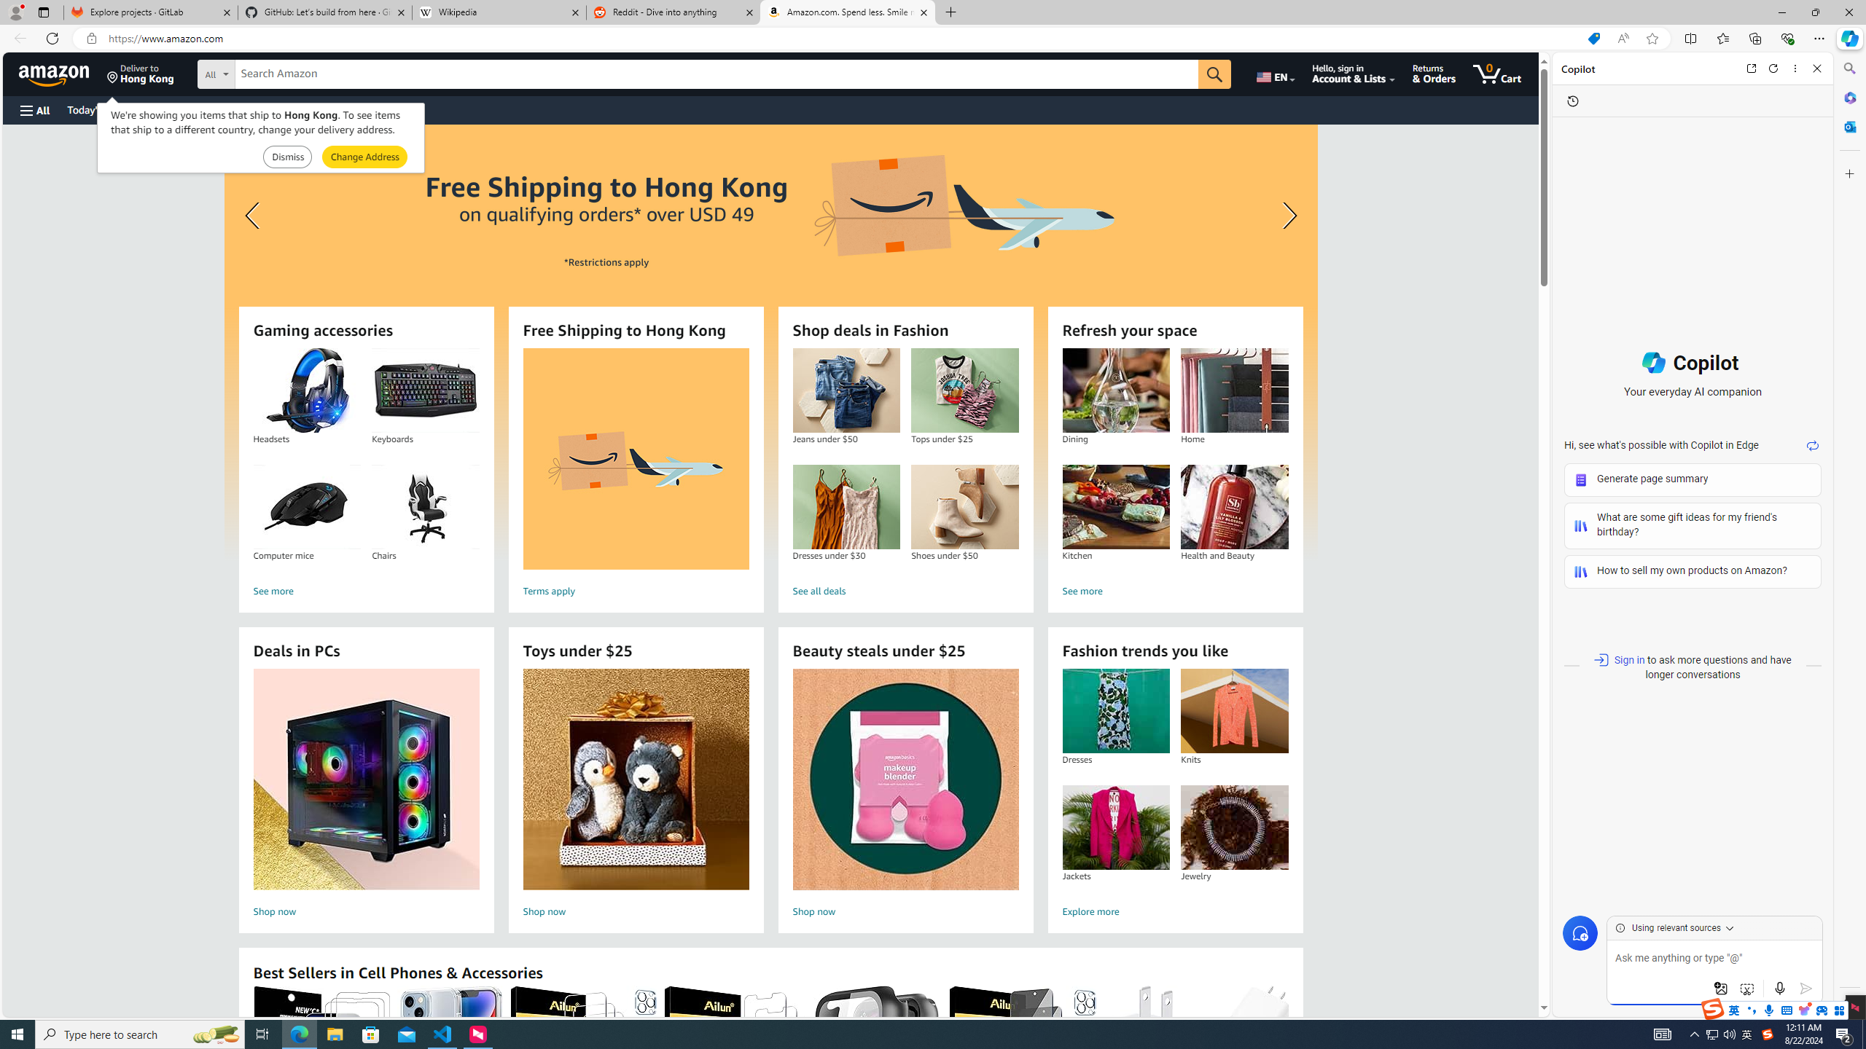 The image size is (1866, 1049). I want to click on 'Chairs', so click(424, 507).